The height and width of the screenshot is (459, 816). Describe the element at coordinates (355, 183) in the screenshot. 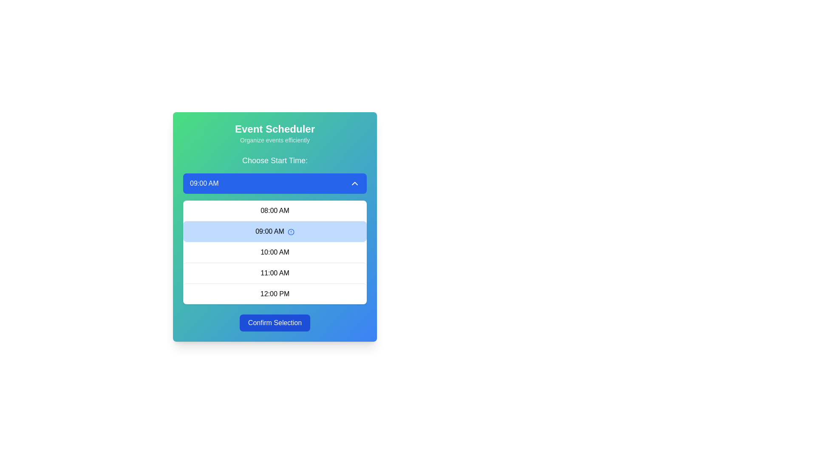

I see `the upward chevron icon adjacent to '09:00 AM' for interaction` at that location.